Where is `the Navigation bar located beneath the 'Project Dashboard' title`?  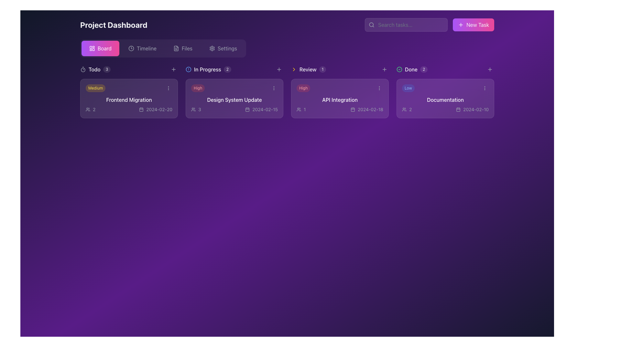
the Navigation bar located beneath the 'Project Dashboard' title is located at coordinates (163, 48).